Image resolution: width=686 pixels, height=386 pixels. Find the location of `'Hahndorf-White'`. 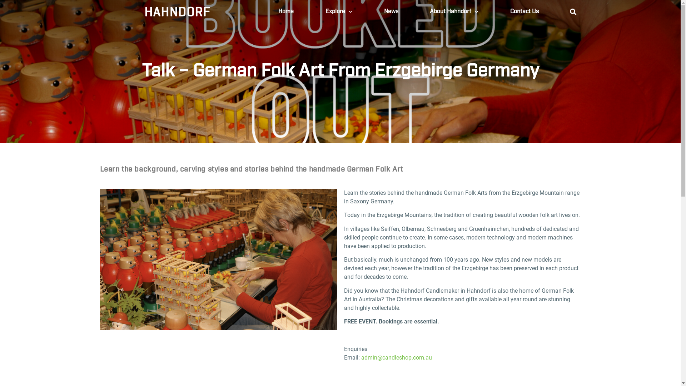

'Hahndorf-White' is located at coordinates (178, 12).